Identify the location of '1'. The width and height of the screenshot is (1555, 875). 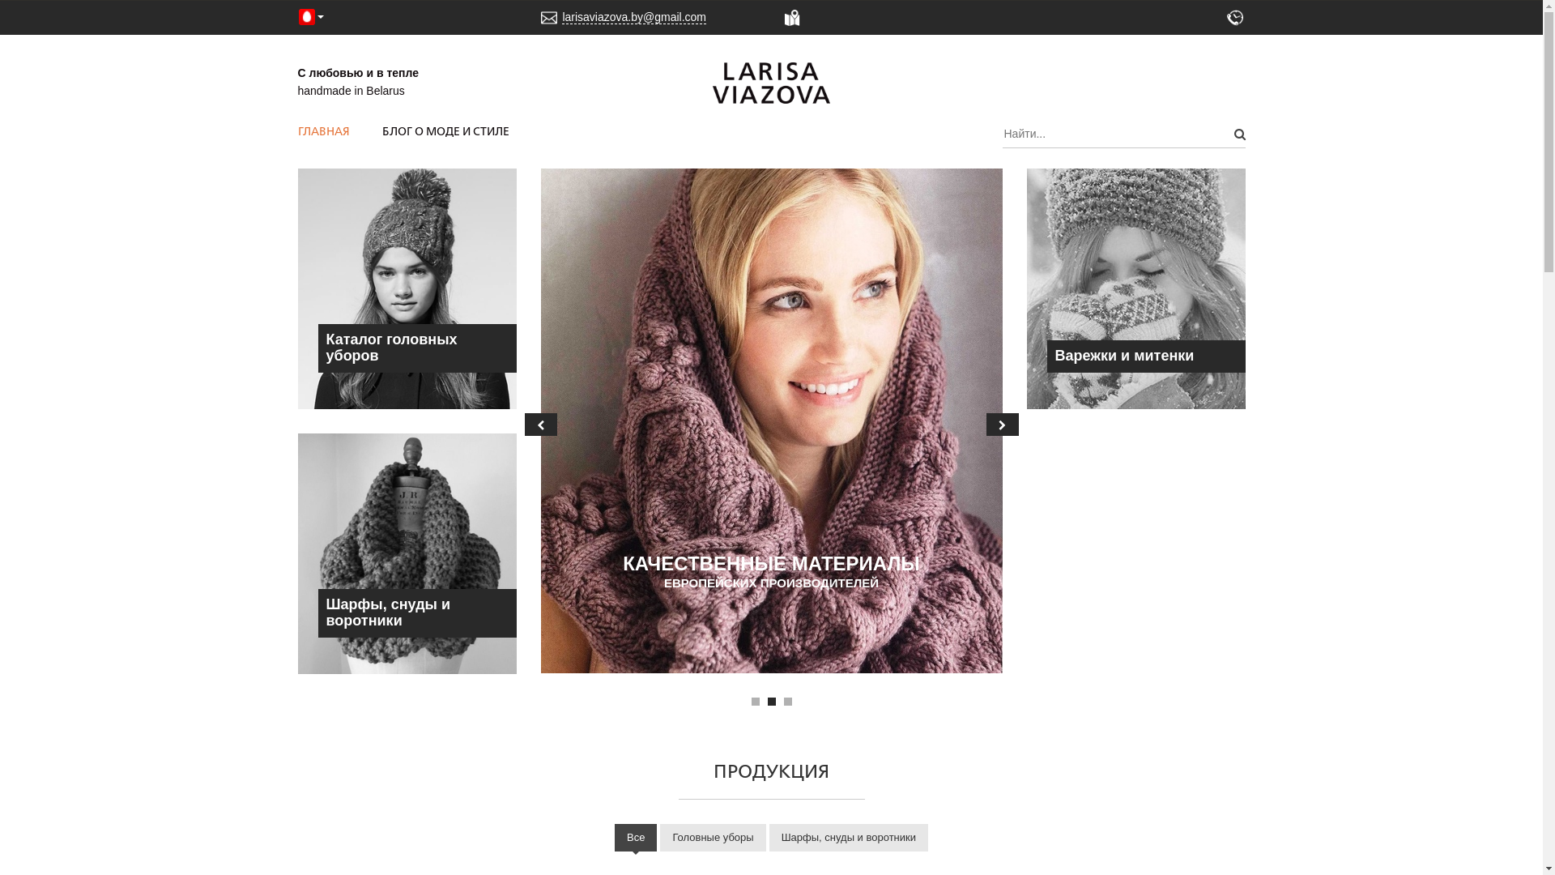
(754, 701).